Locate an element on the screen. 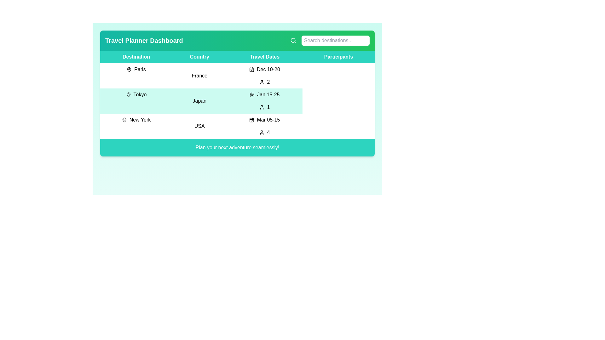 The image size is (605, 340). the 'Travel Dates' header cell in the table, which is the third cell in the header row, to interact with it is located at coordinates (265, 57).